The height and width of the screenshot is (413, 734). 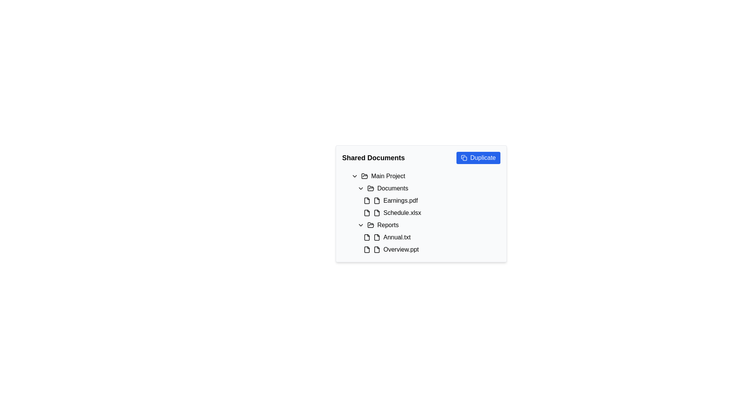 I want to click on the folder icon resembling an open folder, which indicates the folder's open status, so click(x=364, y=176).